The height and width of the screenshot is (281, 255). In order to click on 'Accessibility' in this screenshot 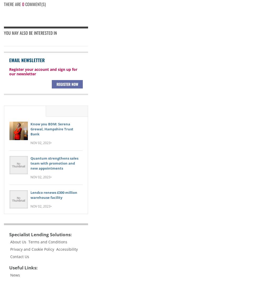, I will do `click(67, 249)`.